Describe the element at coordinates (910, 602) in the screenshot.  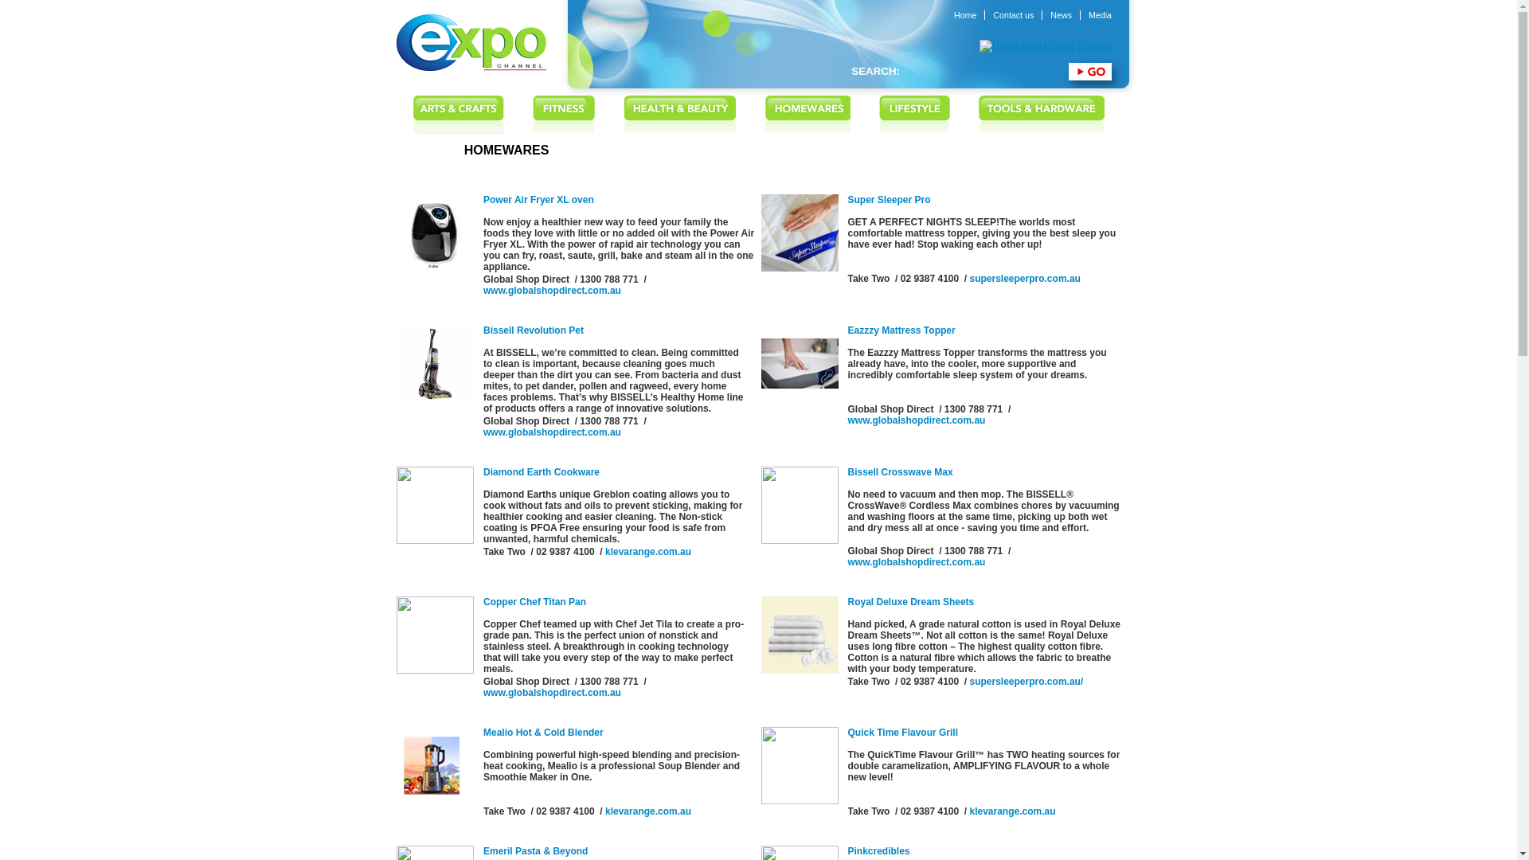
I see `'Royal Deluxe Dream Sheets'` at that location.